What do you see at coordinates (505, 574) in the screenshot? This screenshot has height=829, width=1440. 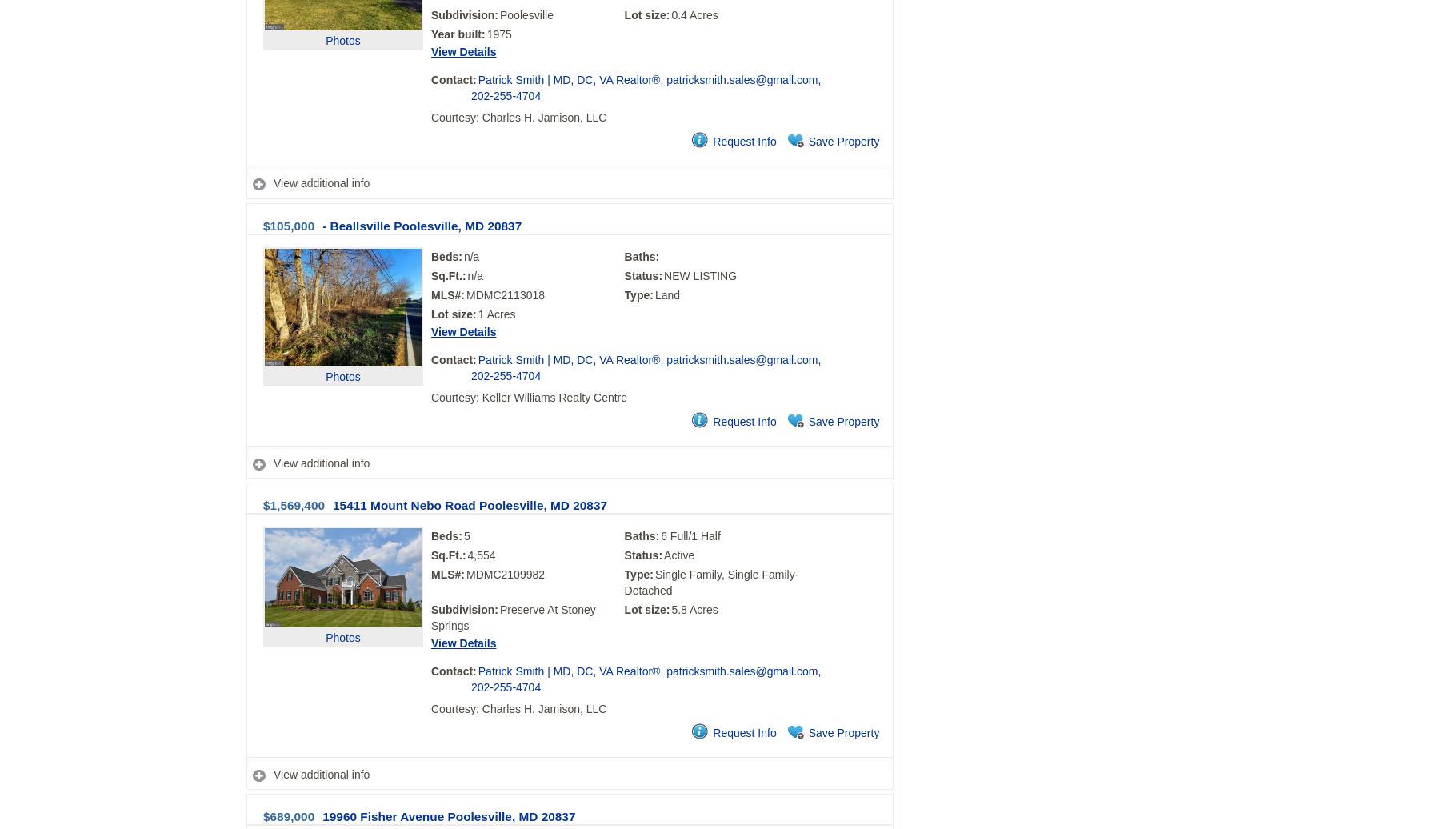 I see `'MDMC2109982'` at bounding box center [505, 574].